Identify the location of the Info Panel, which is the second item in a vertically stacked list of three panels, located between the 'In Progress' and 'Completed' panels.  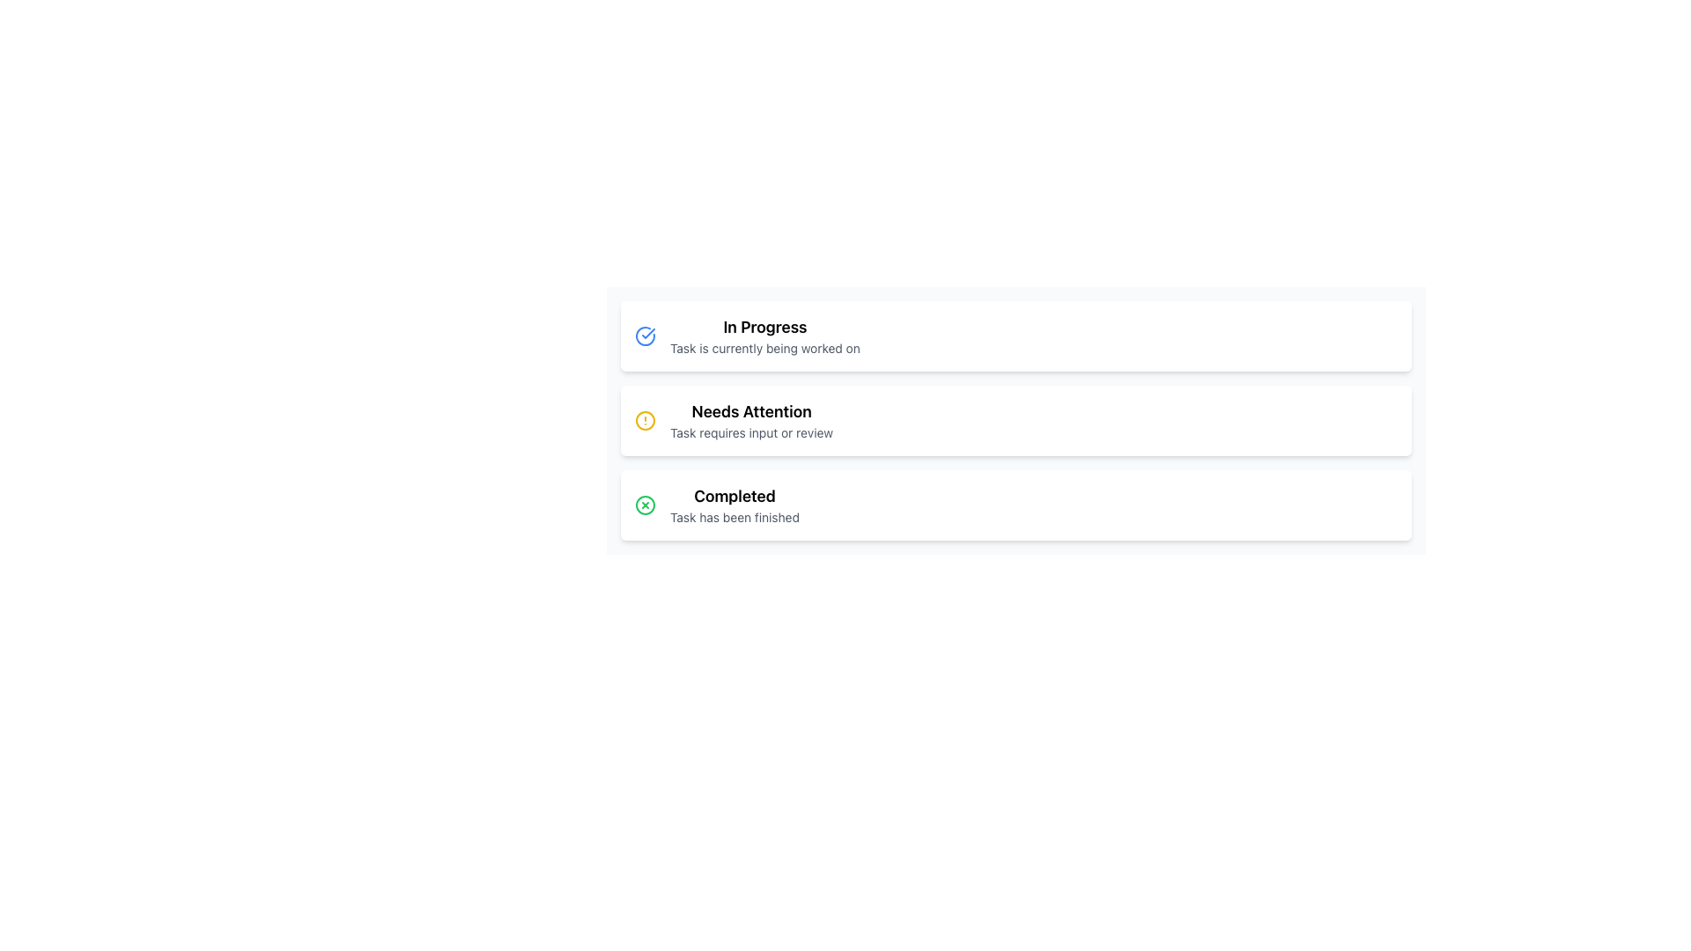
(1015, 421).